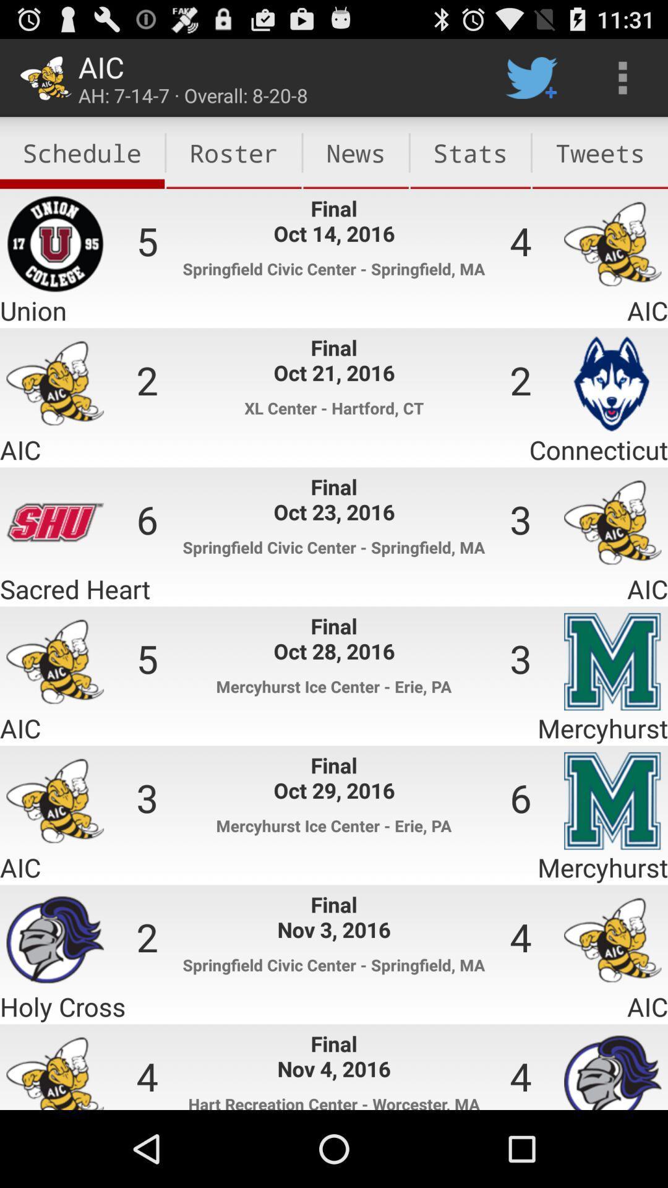 The image size is (668, 1188). Describe the element at coordinates (234, 152) in the screenshot. I see `the roster icon` at that location.